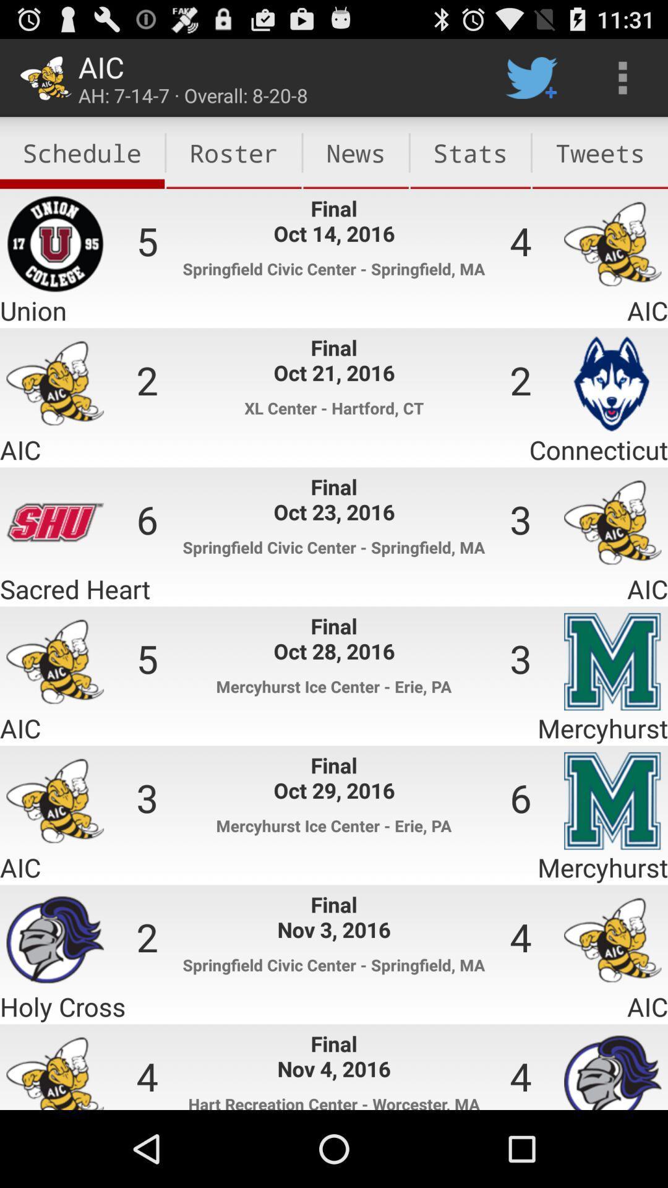 The image size is (668, 1188). Describe the element at coordinates (234, 152) in the screenshot. I see `the roster icon` at that location.